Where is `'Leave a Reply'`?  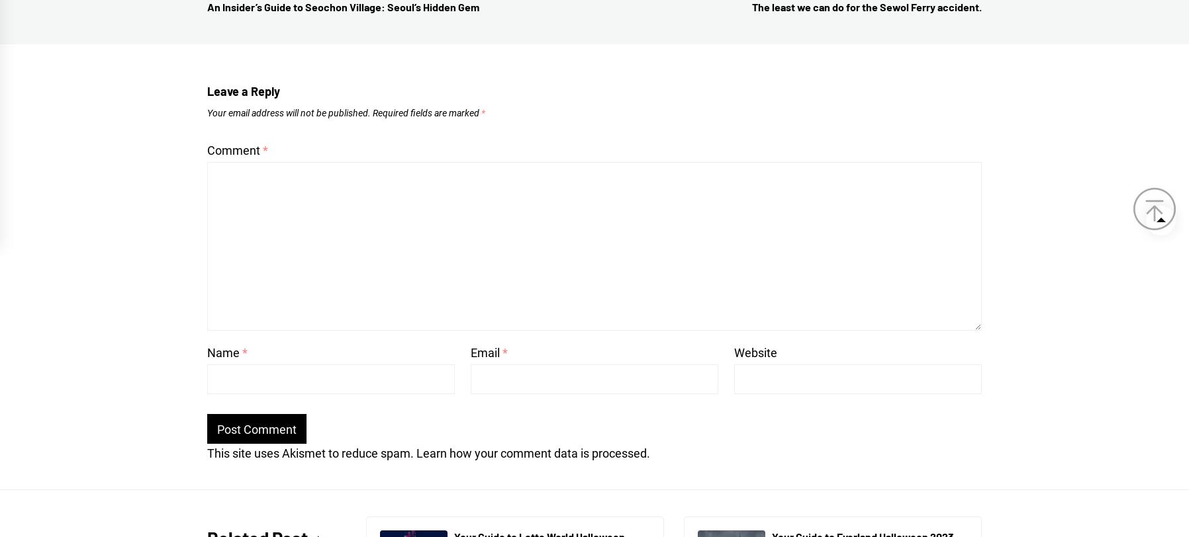 'Leave a Reply' is located at coordinates (244, 90).